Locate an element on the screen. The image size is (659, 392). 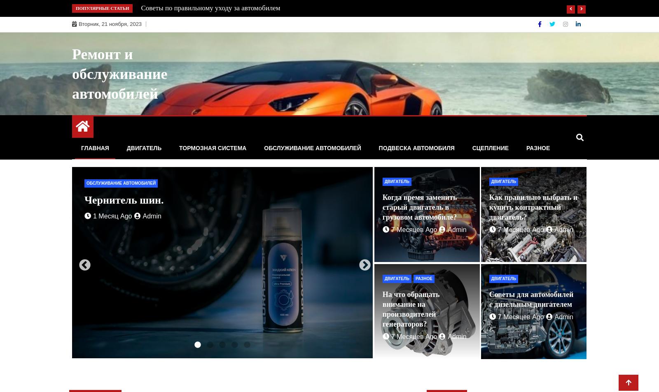
'На что обращать внимание на производителей генераторов?' is located at coordinates (410, 308).